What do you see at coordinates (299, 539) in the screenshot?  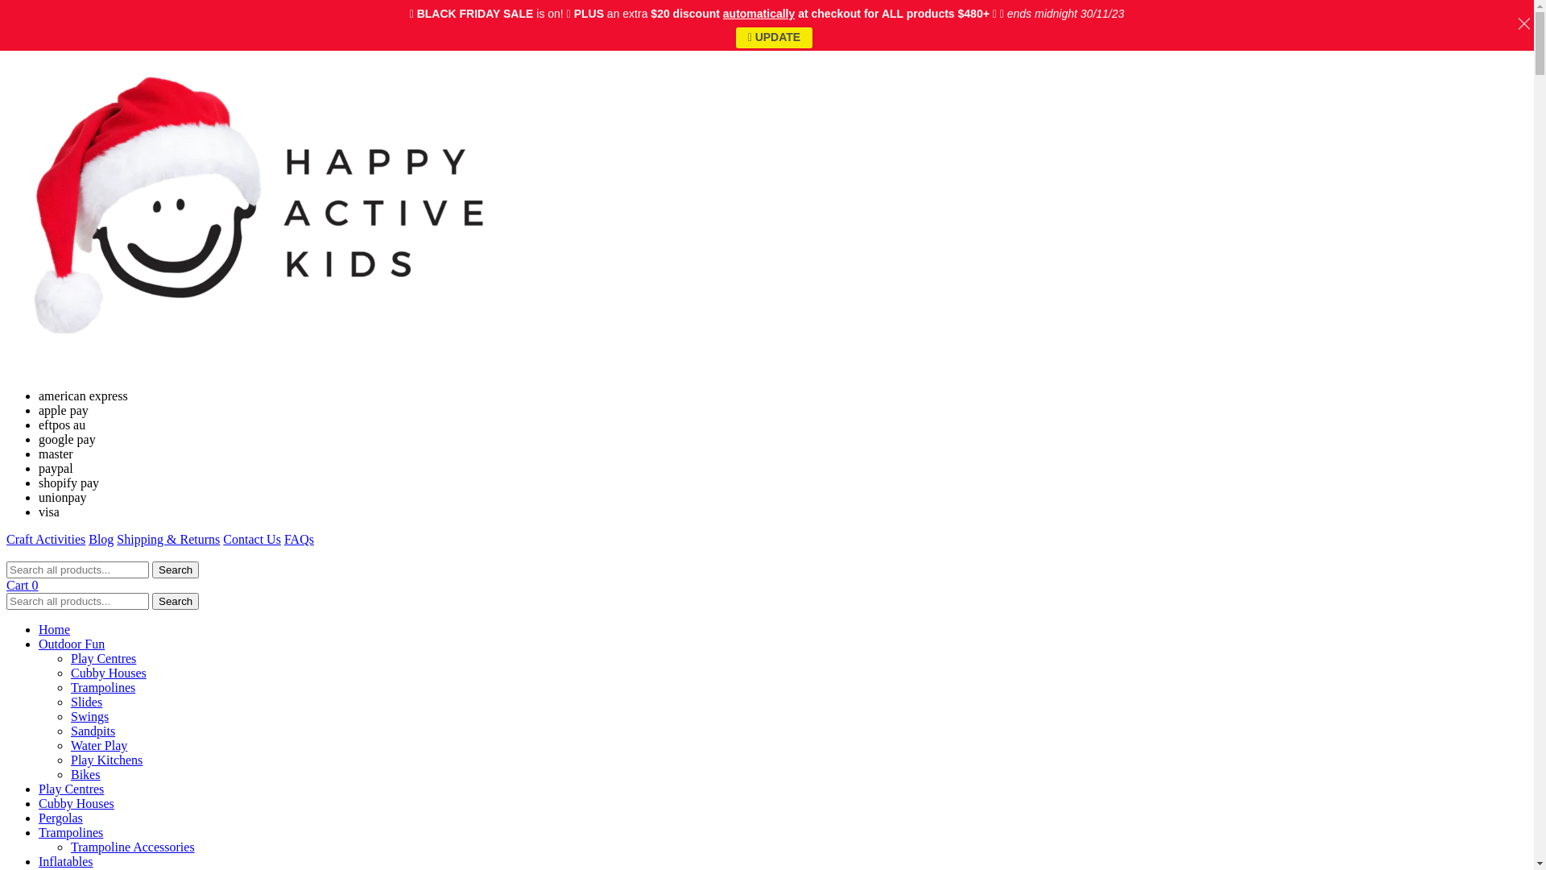 I see `'FAQs'` at bounding box center [299, 539].